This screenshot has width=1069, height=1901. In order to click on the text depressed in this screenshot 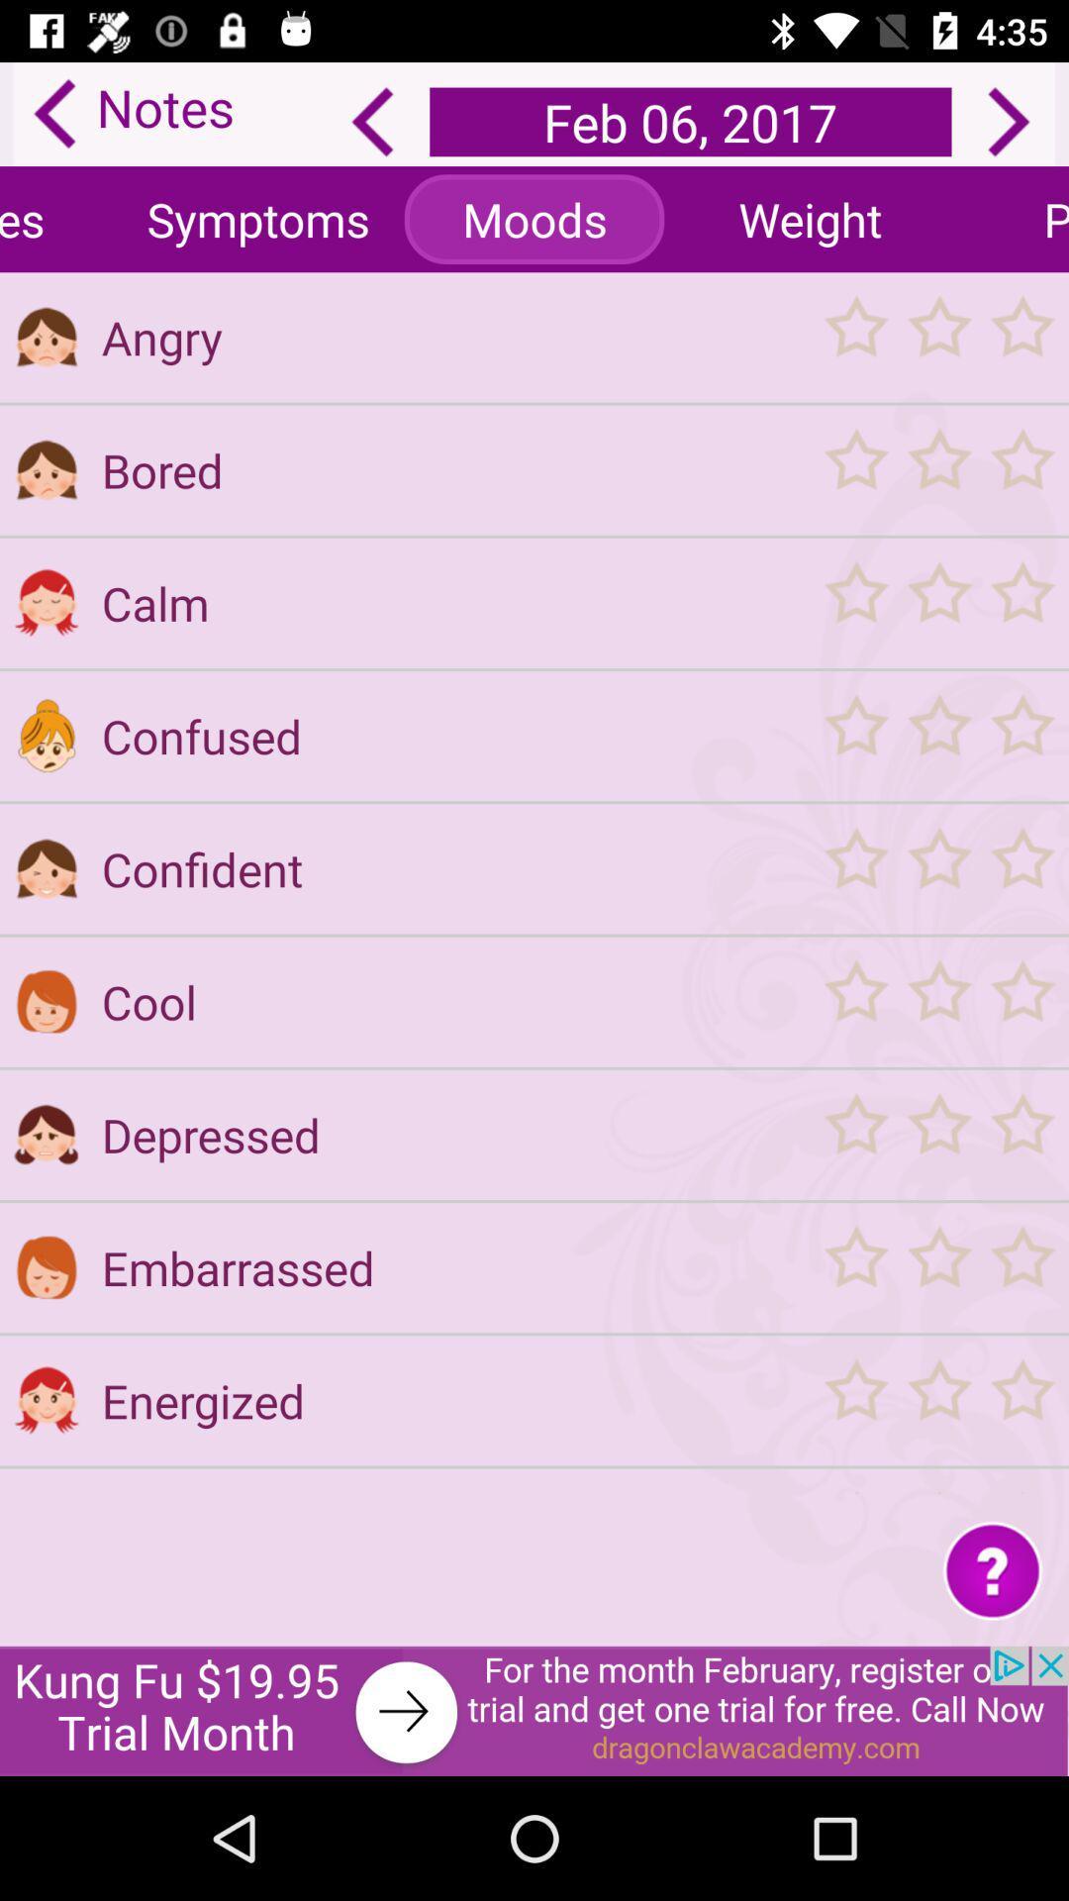, I will do `click(450, 1135)`.